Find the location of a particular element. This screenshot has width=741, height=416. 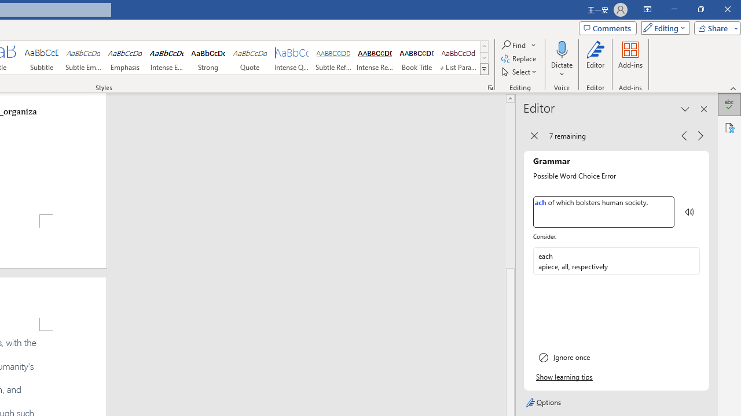

'Find' is located at coordinates (513, 44).